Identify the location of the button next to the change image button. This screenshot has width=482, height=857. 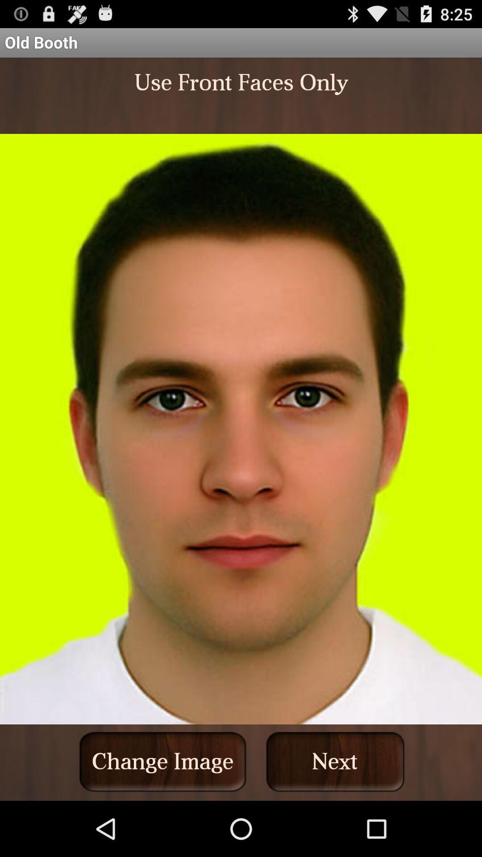
(335, 761).